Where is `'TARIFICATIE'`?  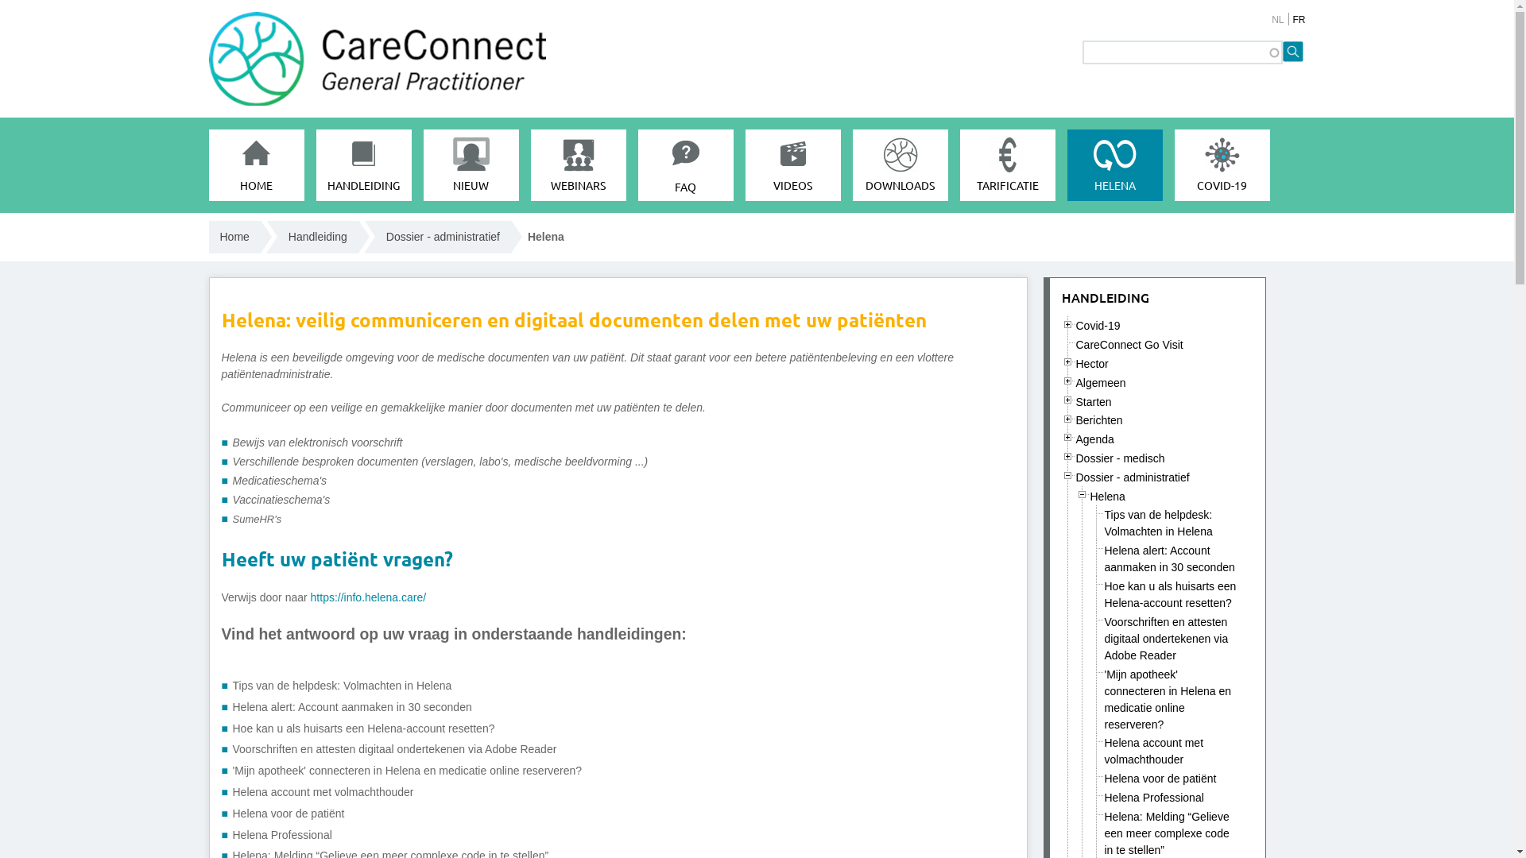
'TARIFICATIE' is located at coordinates (959, 165).